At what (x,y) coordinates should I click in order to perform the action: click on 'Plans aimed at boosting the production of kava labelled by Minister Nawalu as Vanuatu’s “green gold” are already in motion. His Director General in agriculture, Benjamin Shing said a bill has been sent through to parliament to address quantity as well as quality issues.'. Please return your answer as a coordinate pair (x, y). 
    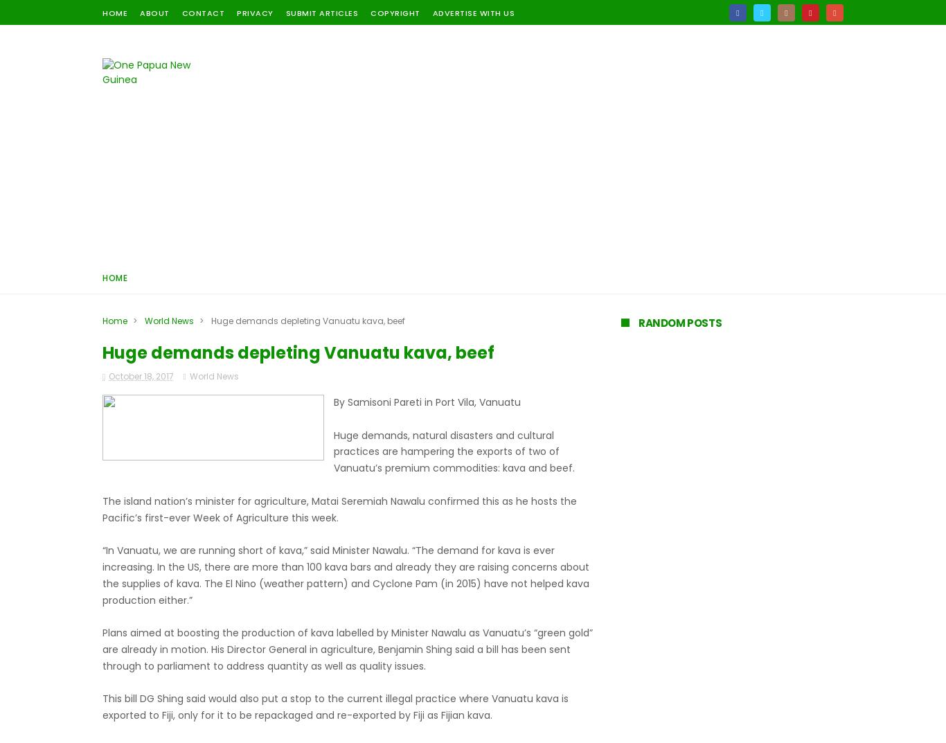
    Looking at the image, I should click on (348, 649).